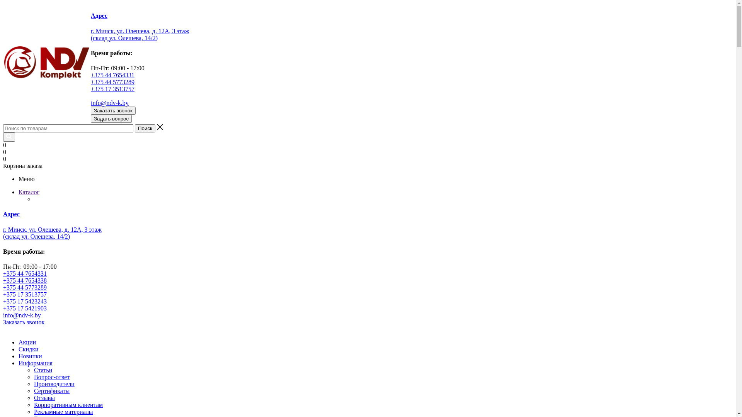 The image size is (742, 417). What do you see at coordinates (25, 301) in the screenshot?
I see `'+375 17 5423243'` at bounding box center [25, 301].